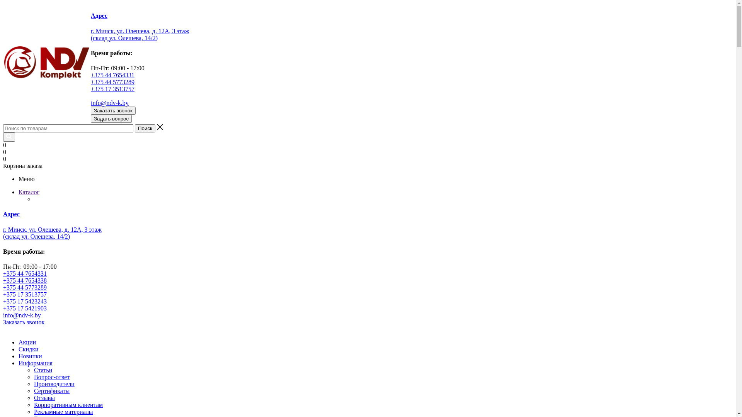 The image size is (742, 417). What do you see at coordinates (25, 301) in the screenshot?
I see `'+375 17 5423243'` at bounding box center [25, 301].